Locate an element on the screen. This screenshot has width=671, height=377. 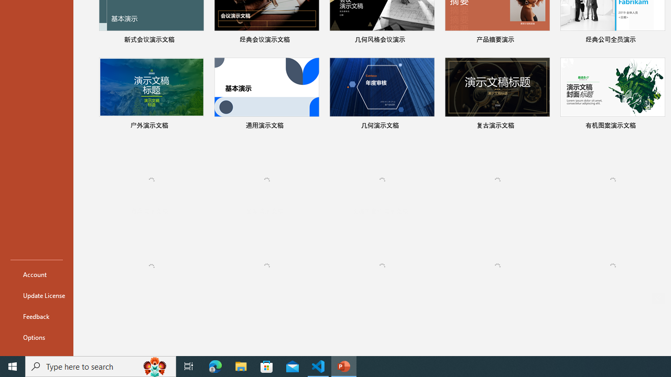
'Feedback' is located at coordinates (36, 316).